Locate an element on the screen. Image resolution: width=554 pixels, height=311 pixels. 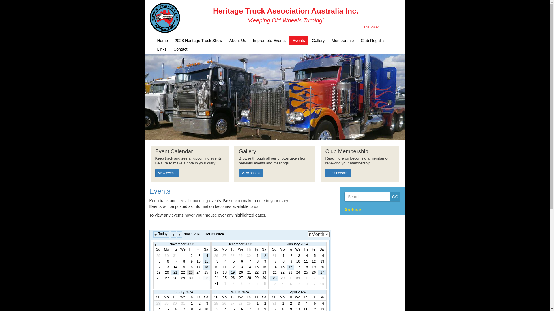
'6' is located at coordinates (237, 261).